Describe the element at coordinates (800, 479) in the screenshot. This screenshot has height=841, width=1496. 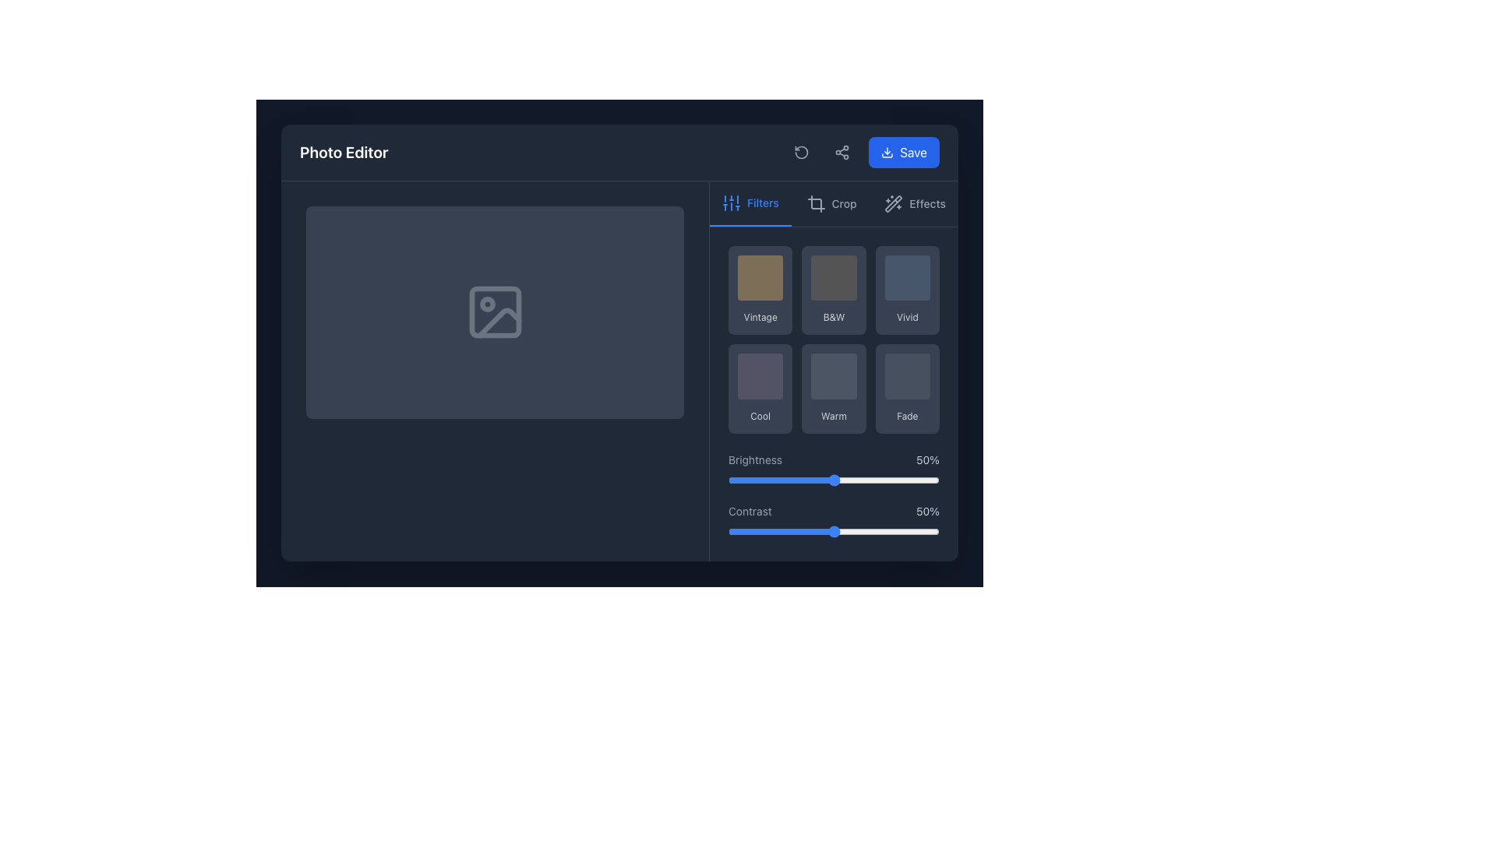
I see `the slider` at that location.